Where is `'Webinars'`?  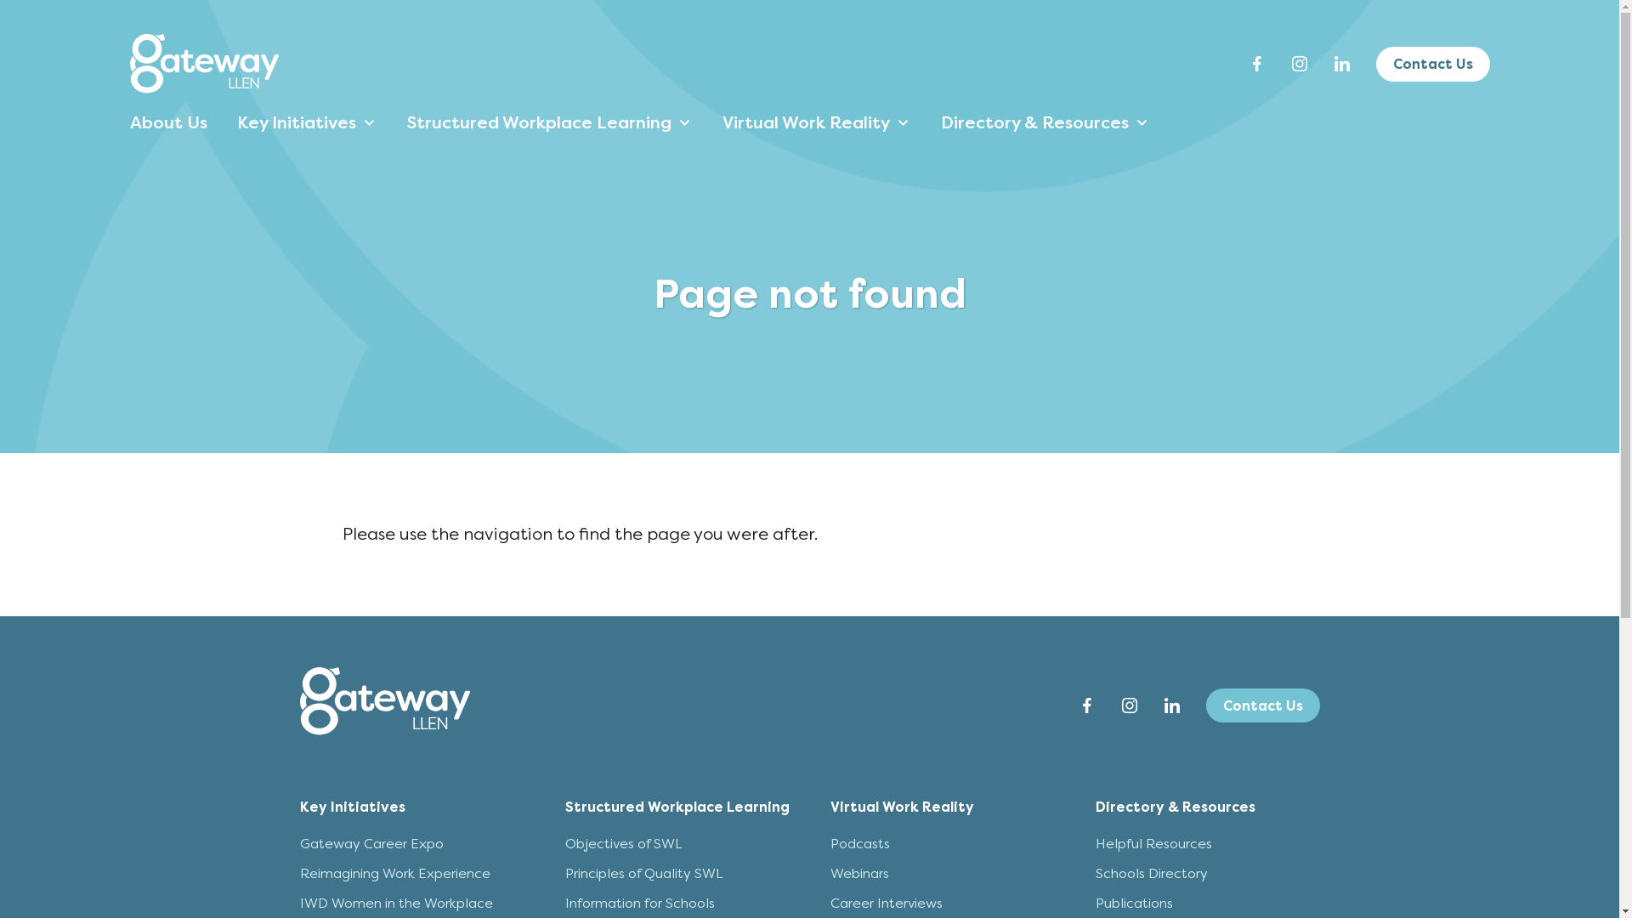 'Webinars' is located at coordinates (858, 873).